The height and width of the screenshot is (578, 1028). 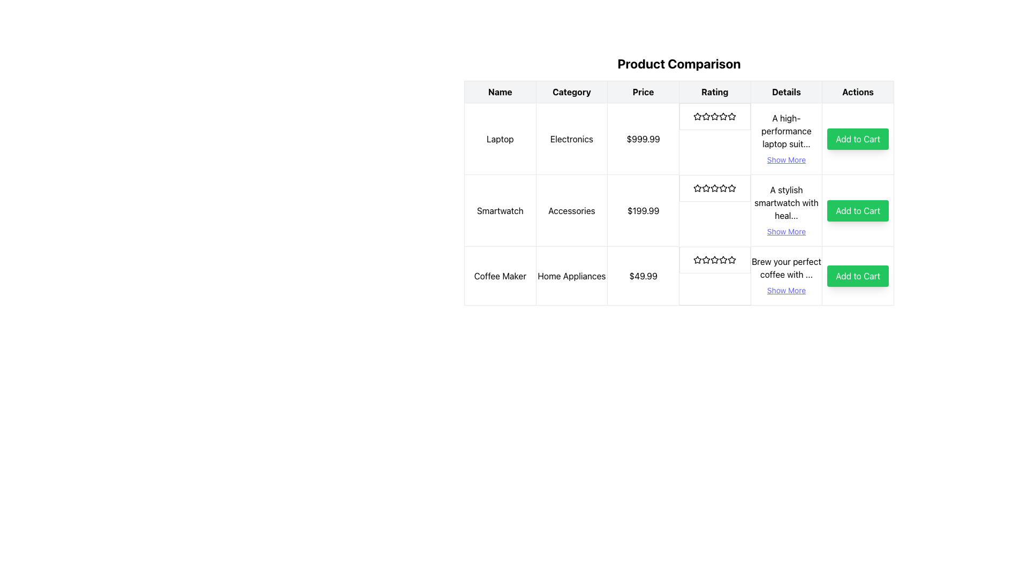 I want to click on the price Text Label displaying the price of the 'Coffee Maker' in the Product Comparison table, so click(x=642, y=275).